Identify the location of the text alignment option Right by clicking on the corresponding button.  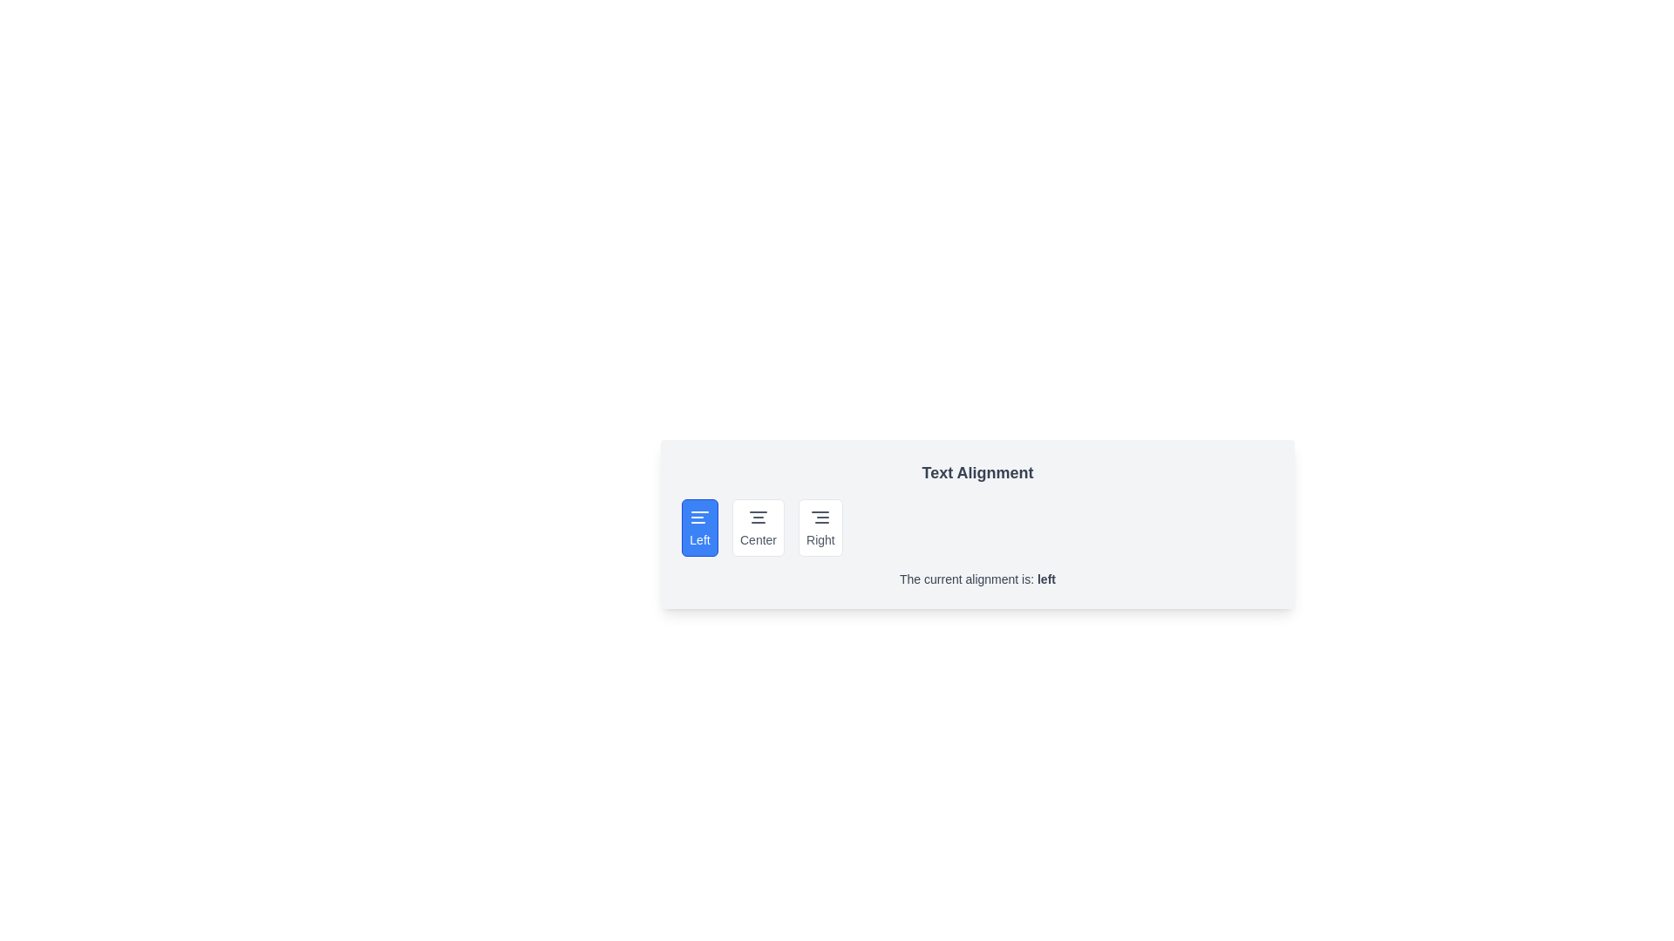
(819, 526).